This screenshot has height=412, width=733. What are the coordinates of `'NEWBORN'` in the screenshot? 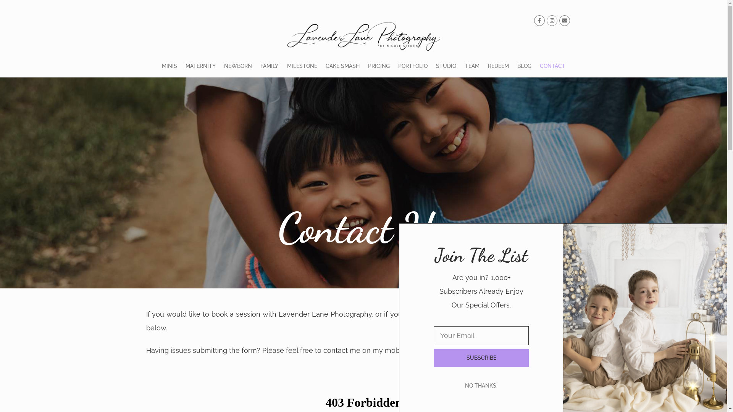 It's located at (220, 66).